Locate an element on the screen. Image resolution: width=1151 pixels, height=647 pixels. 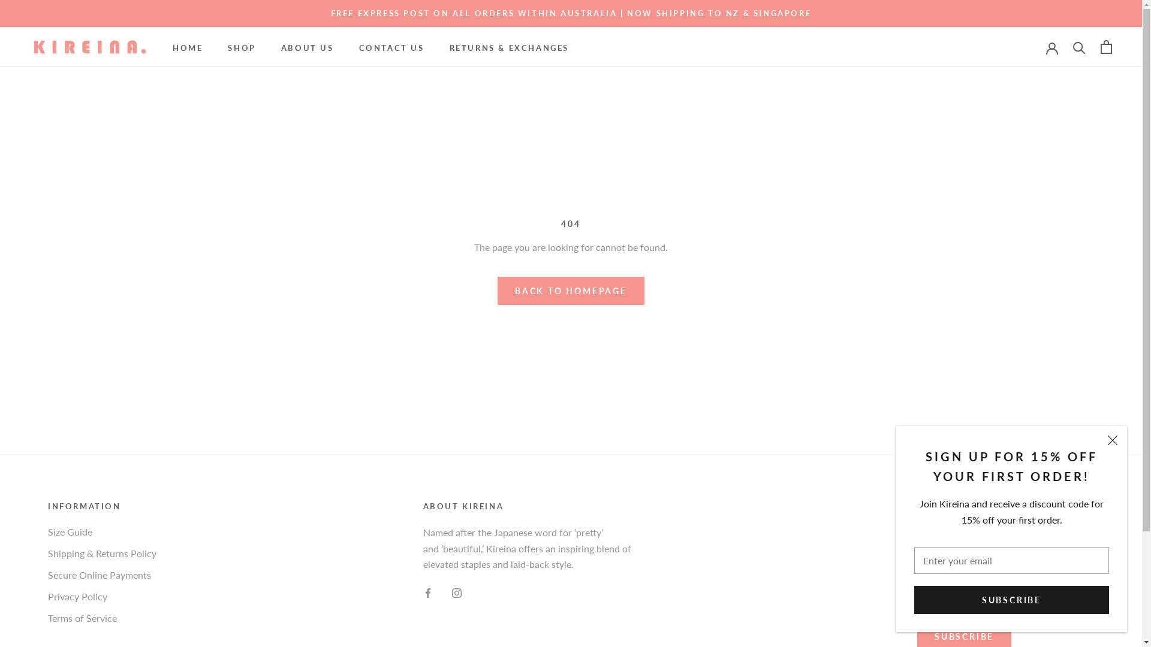
'ABOUT US is located at coordinates (308, 47).